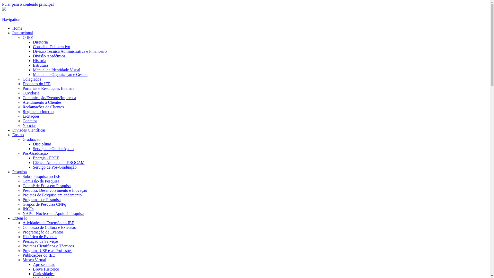 Image resolution: width=494 pixels, height=278 pixels. I want to click on 'Home', so click(17, 28).